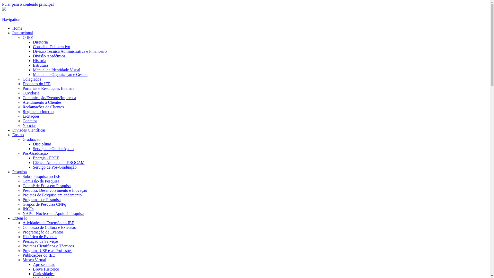 Image resolution: width=494 pixels, height=278 pixels. I want to click on 'Home', so click(17, 28).